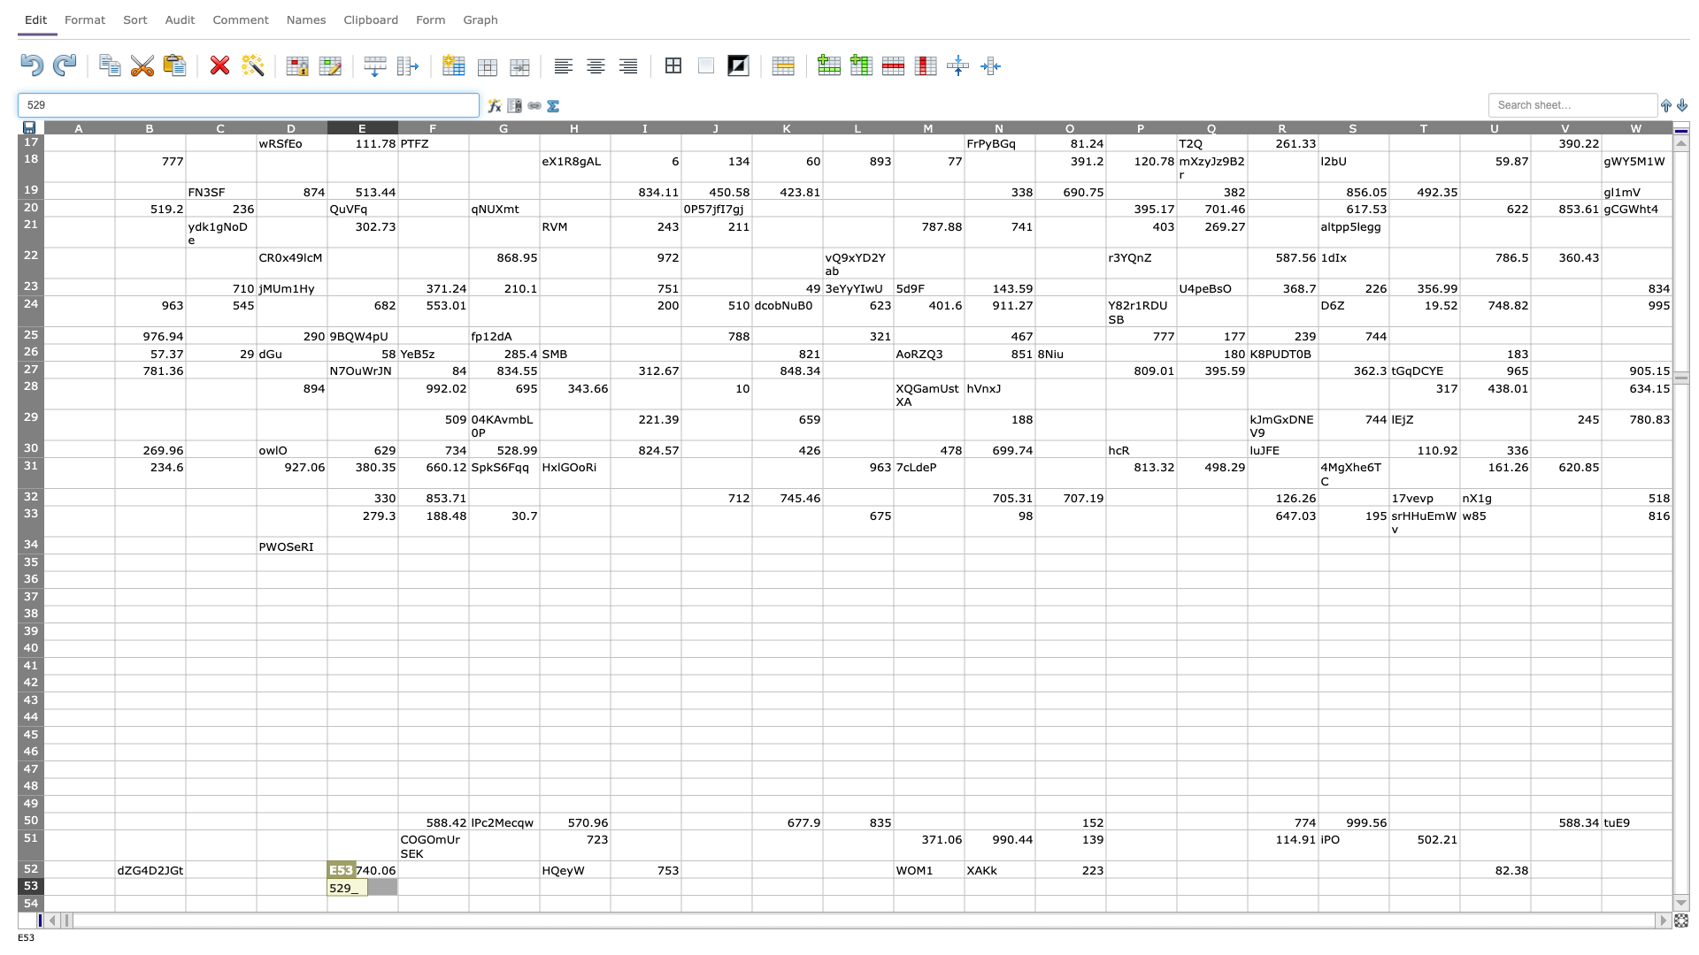 This screenshot has width=1699, height=955. What do you see at coordinates (397, 877) in the screenshot?
I see `Top left corner of F-53` at bounding box center [397, 877].